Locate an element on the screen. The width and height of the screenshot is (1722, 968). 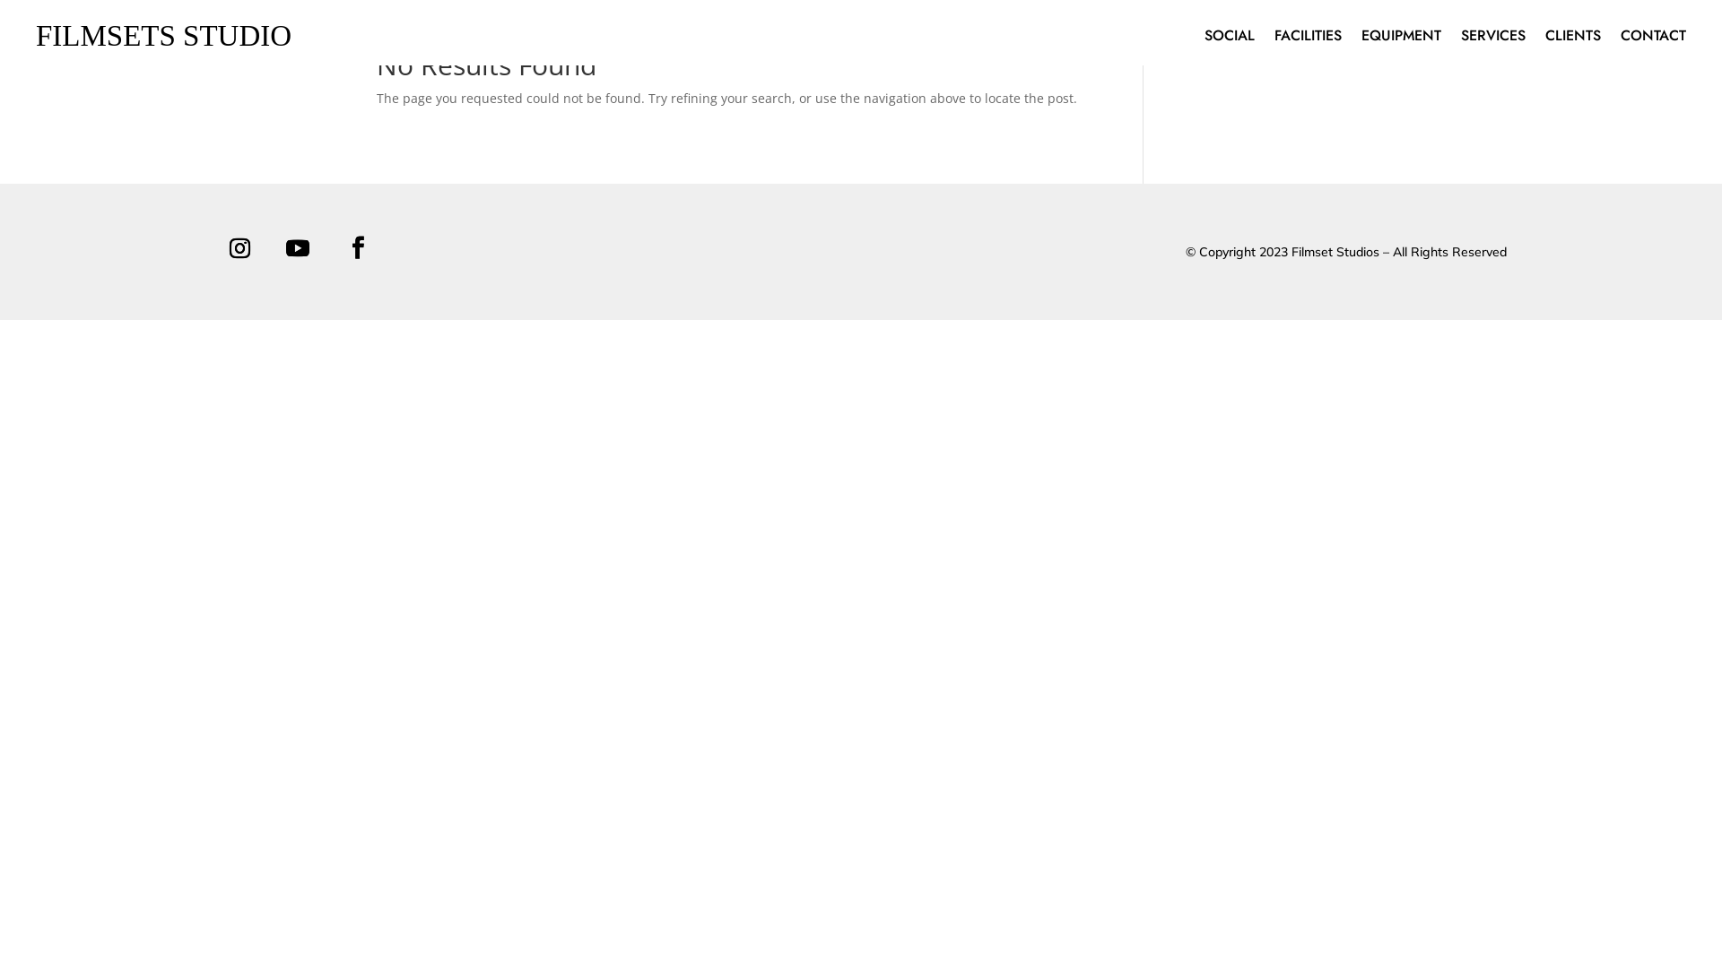
'Follow on Instagram' is located at coordinates (239, 248).